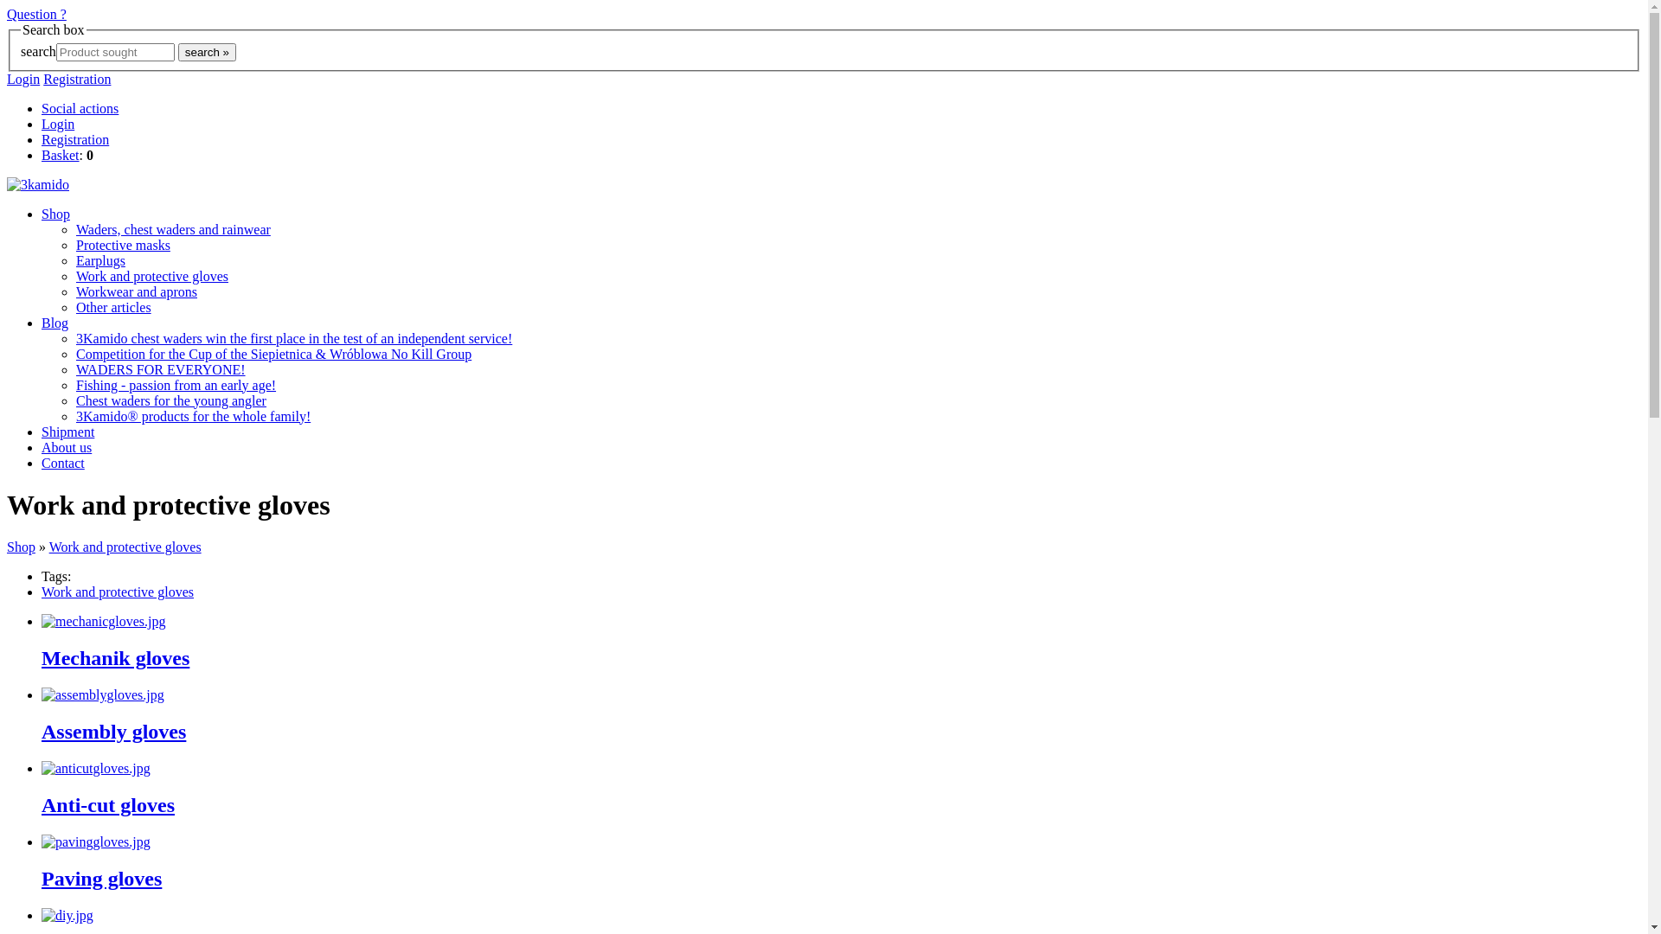 The width and height of the screenshot is (1661, 934). I want to click on 'Earplugs', so click(99, 260).